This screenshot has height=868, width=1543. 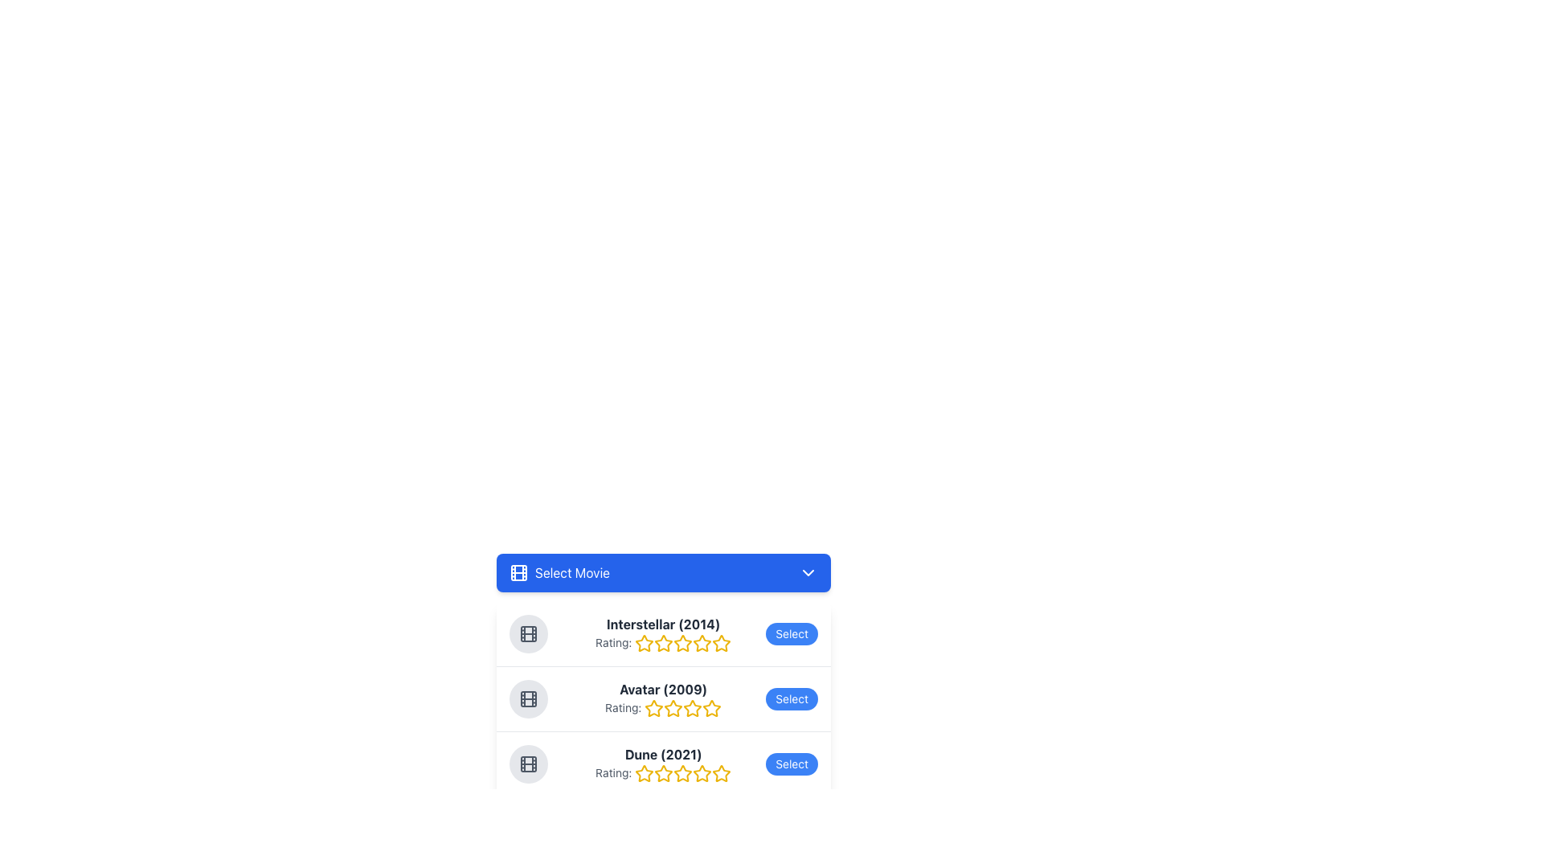 What do you see at coordinates (711, 707) in the screenshot?
I see `the fourth star icon in the rating system to express a rating for the movie 'Avatar (2009)'` at bounding box center [711, 707].